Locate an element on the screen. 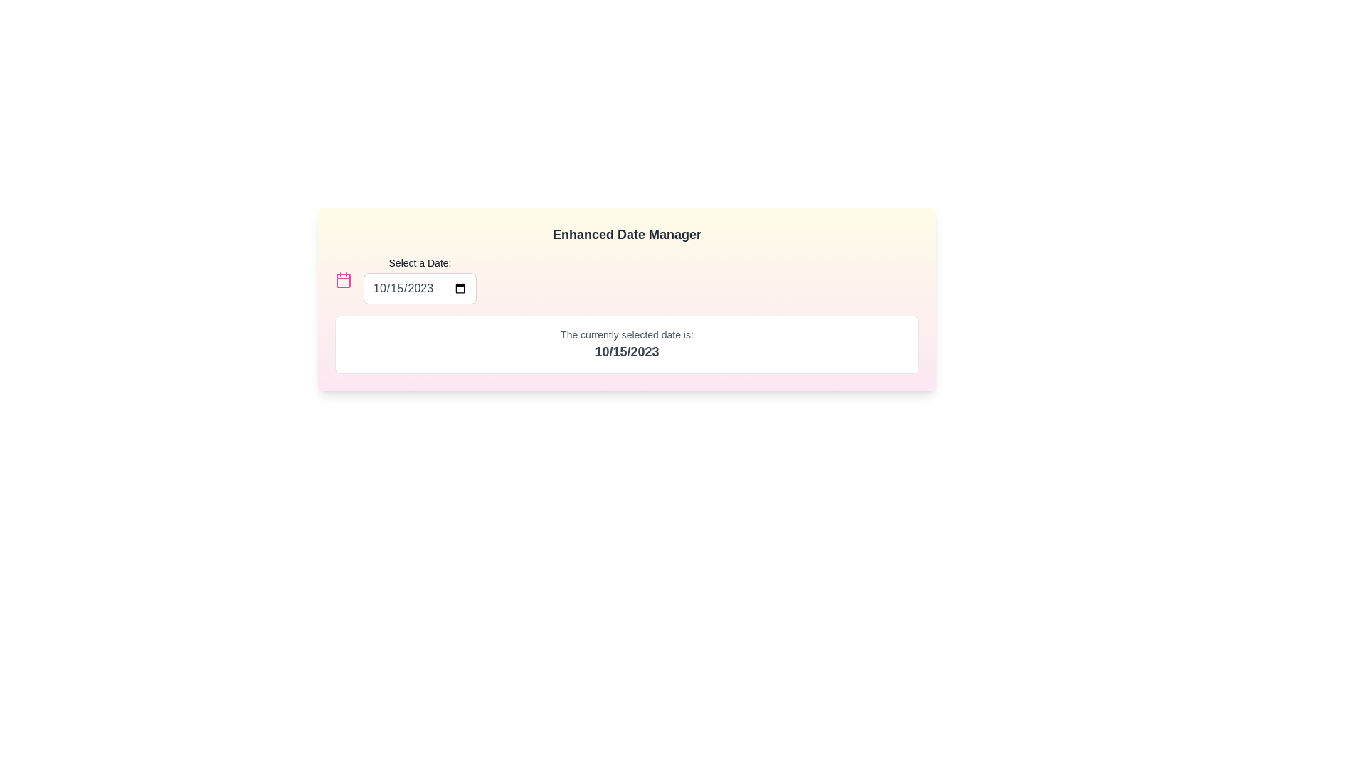 This screenshot has width=1366, height=768. descriptive label text that indicates the context for the currently selected date displayed below it, specifically located above the date text '10/15/2023' is located at coordinates (626, 334).